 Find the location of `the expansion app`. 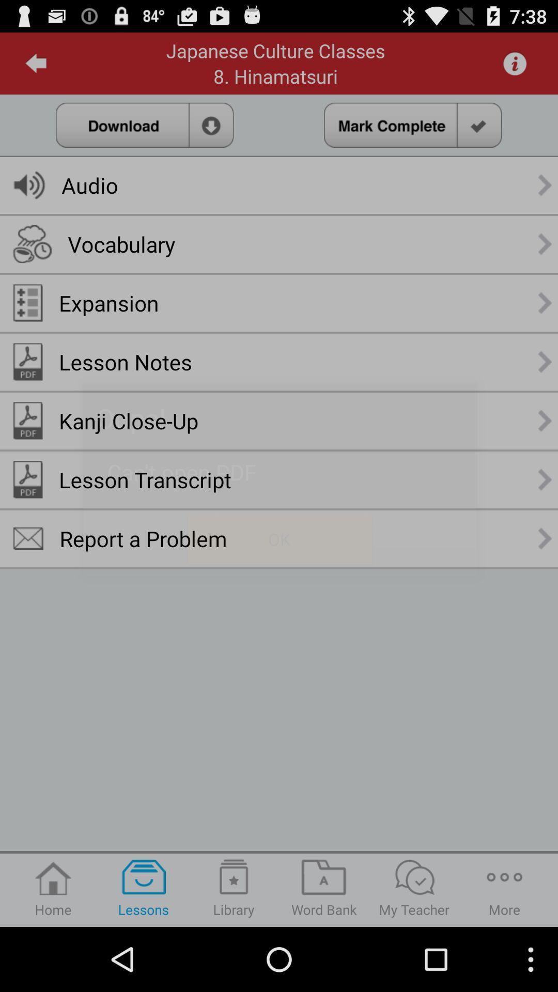

the expansion app is located at coordinates (109, 302).